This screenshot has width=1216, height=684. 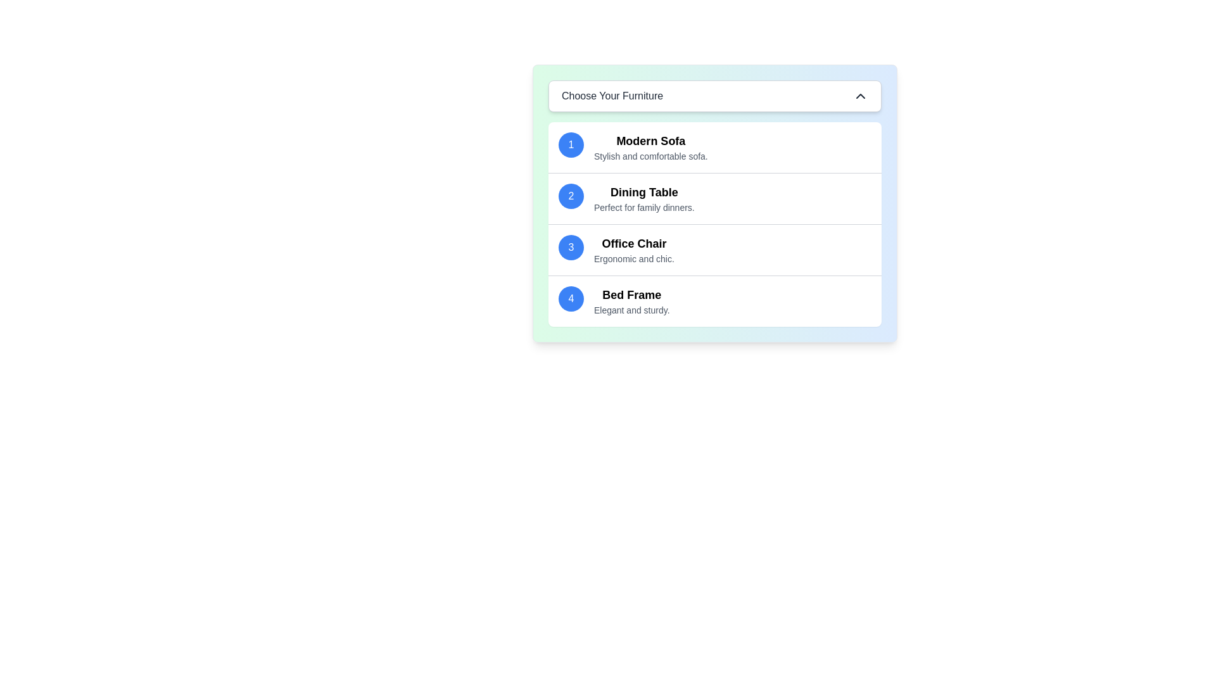 I want to click on the fourth list item representing a bed frame in the furniture list, so click(x=714, y=300).